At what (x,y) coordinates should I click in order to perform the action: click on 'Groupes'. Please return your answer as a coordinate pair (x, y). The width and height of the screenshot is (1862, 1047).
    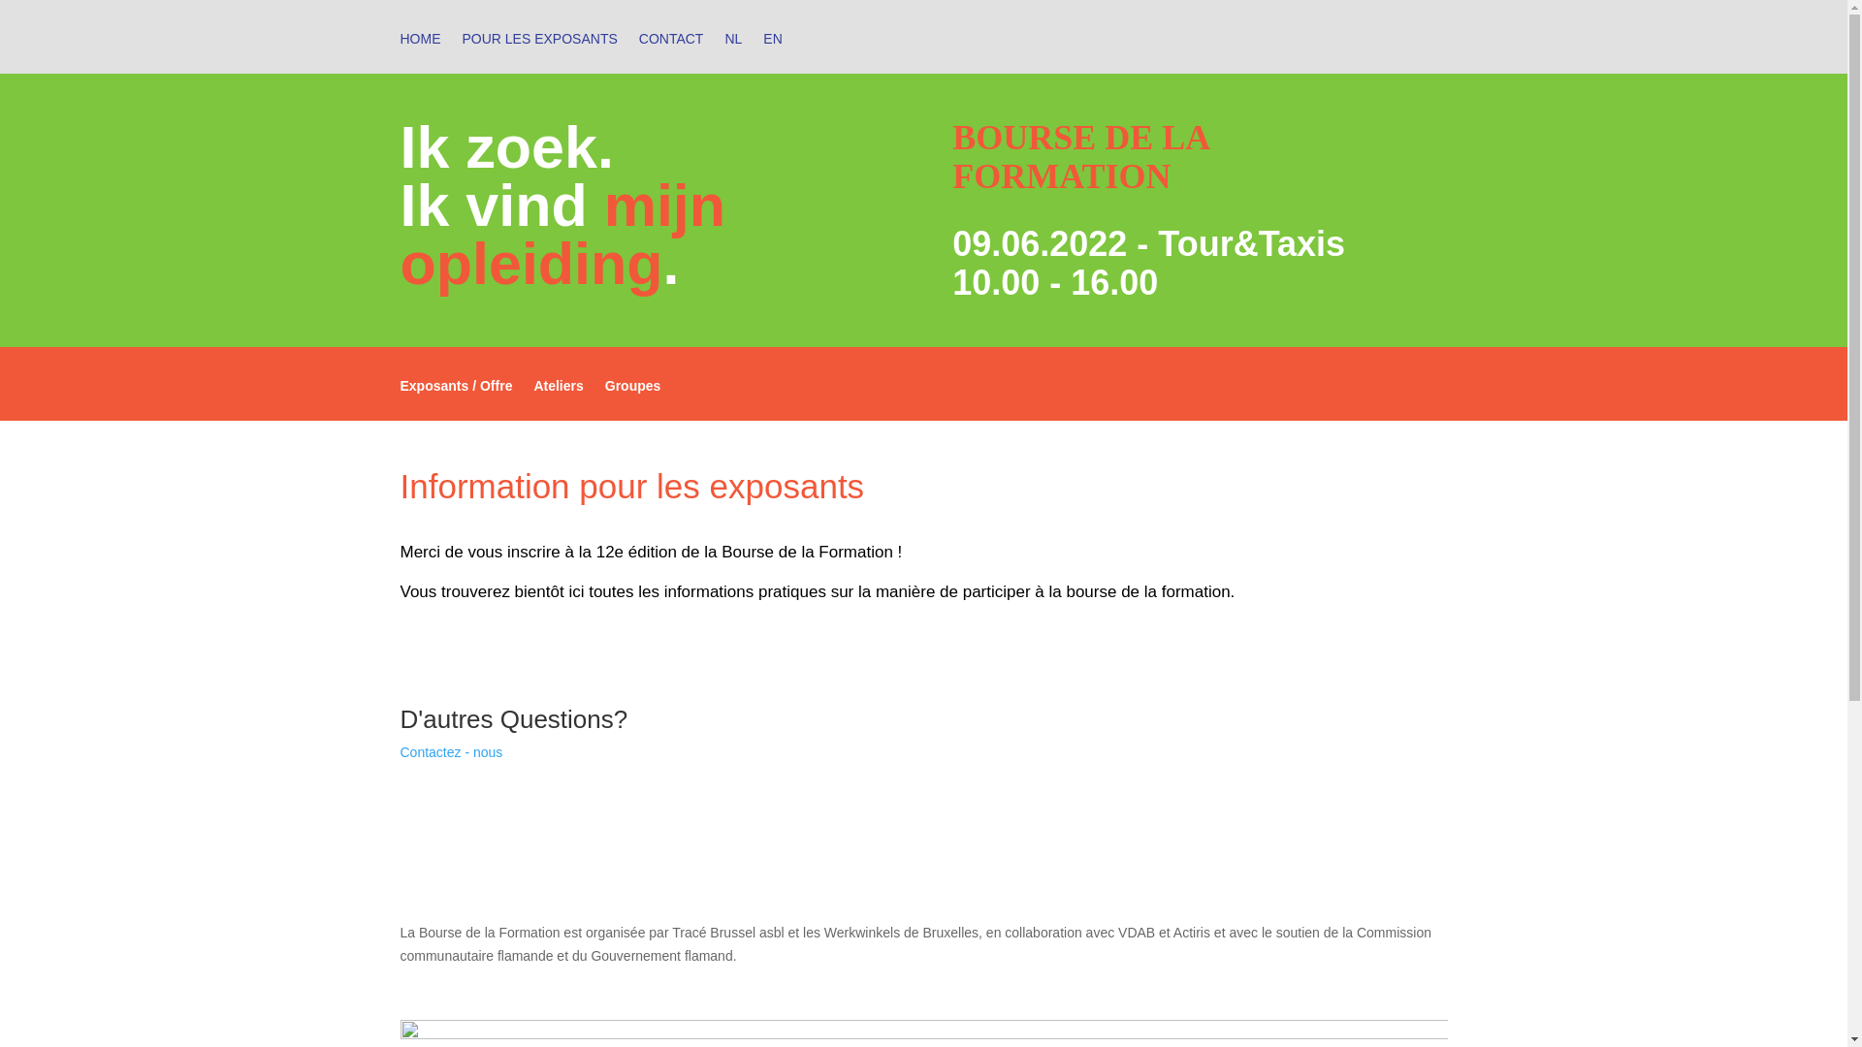
    Looking at the image, I should click on (604, 398).